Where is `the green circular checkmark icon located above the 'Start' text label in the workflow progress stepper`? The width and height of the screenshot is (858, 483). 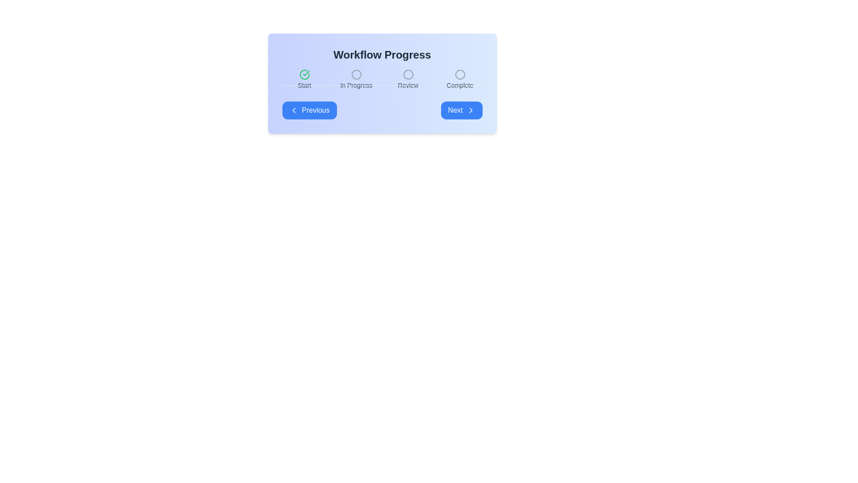
the green circular checkmark icon located above the 'Start' text label in the workflow progress stepper is located at coordinates (304, 74).